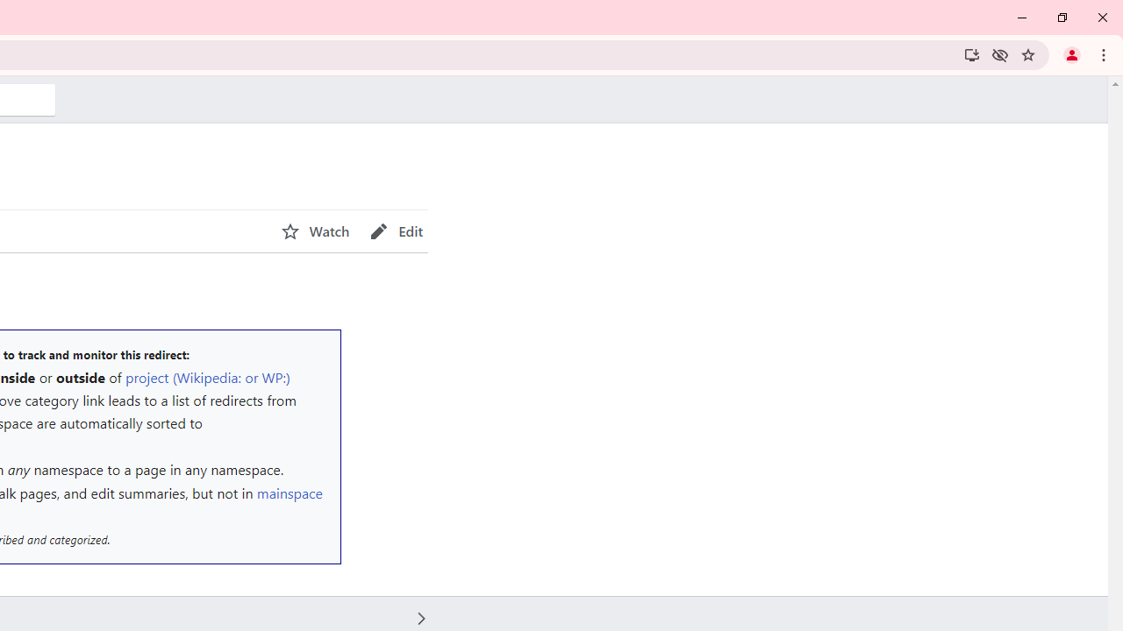 The width and height of the screenshot is (1123, 631). I want to click on 'AutomationID: page-actions-watch', so click(315, 230).